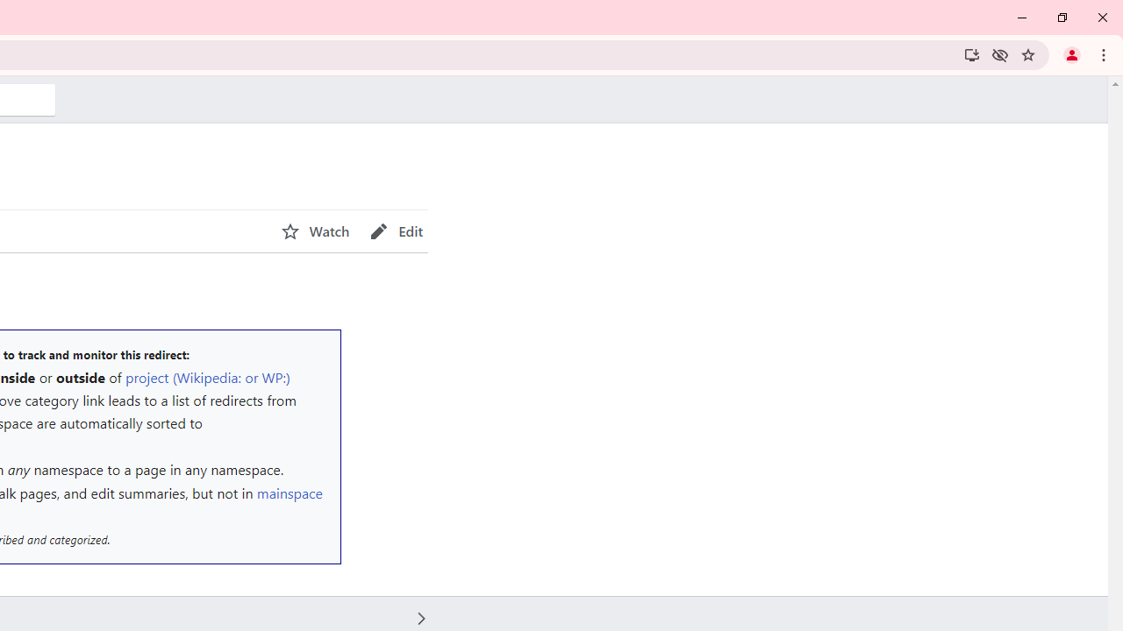 The width and height of the screenshot is (1123, 631). I want to click on 'AutomationID: page-actions-watch', so click(315, 230).